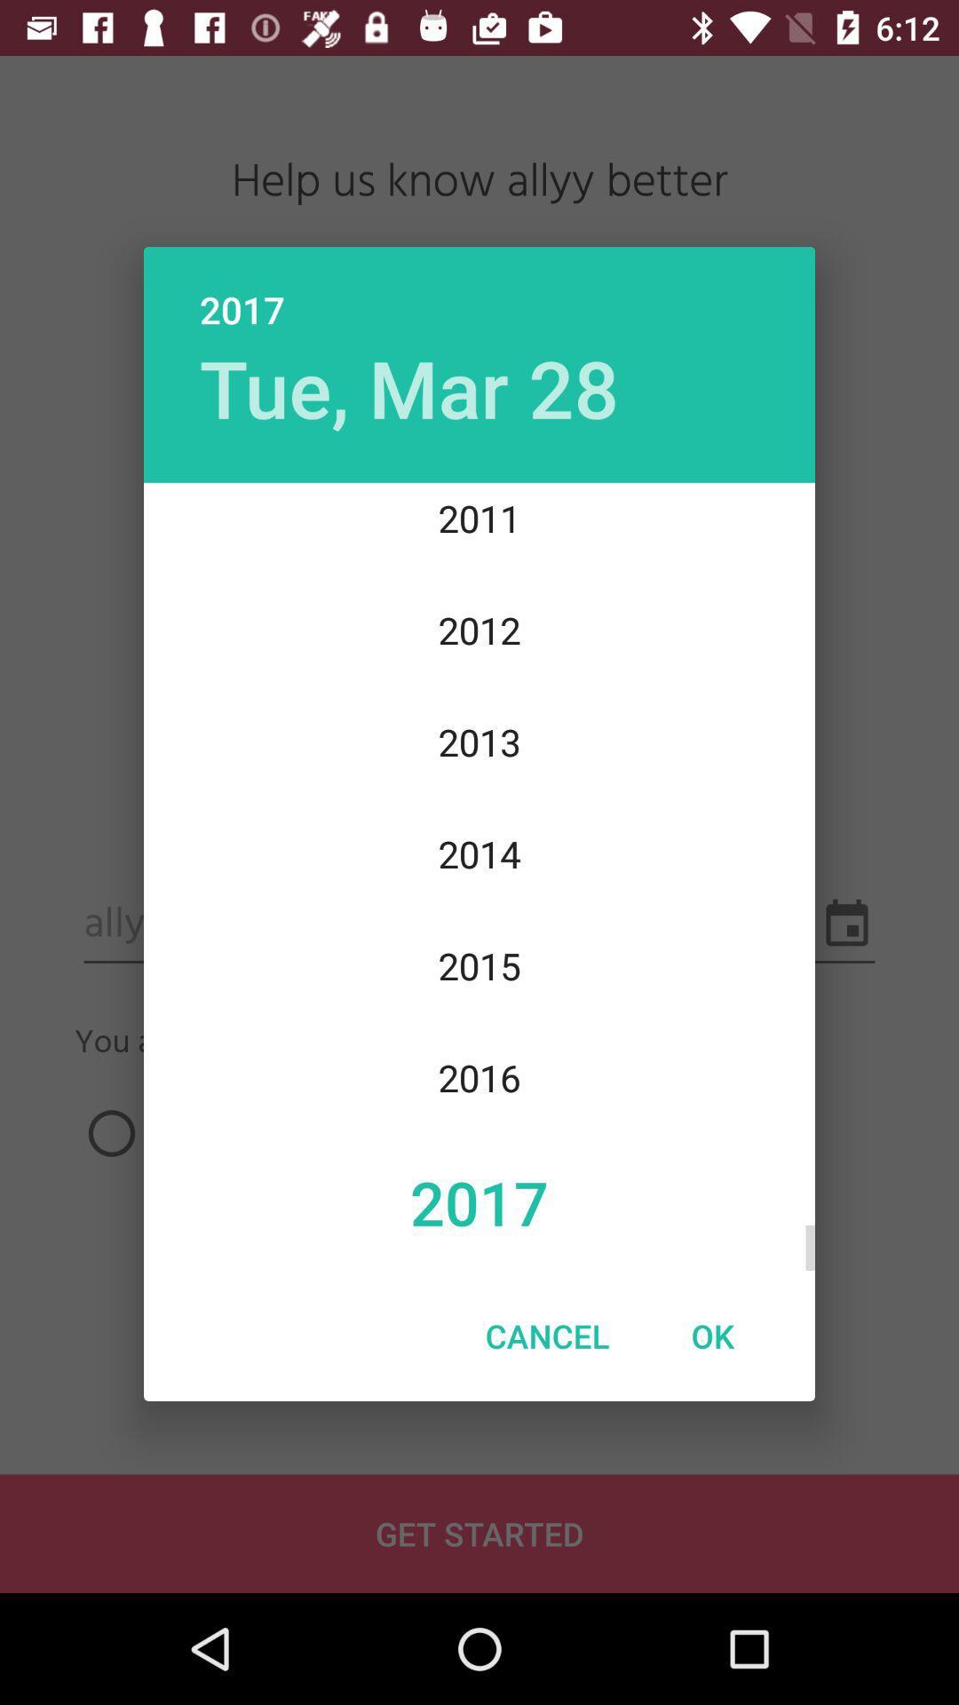  What do you see at coordinates (409, 386) in the screenshot?
I see `the tue, mar 28 icon` at bounding box center [409, 386].